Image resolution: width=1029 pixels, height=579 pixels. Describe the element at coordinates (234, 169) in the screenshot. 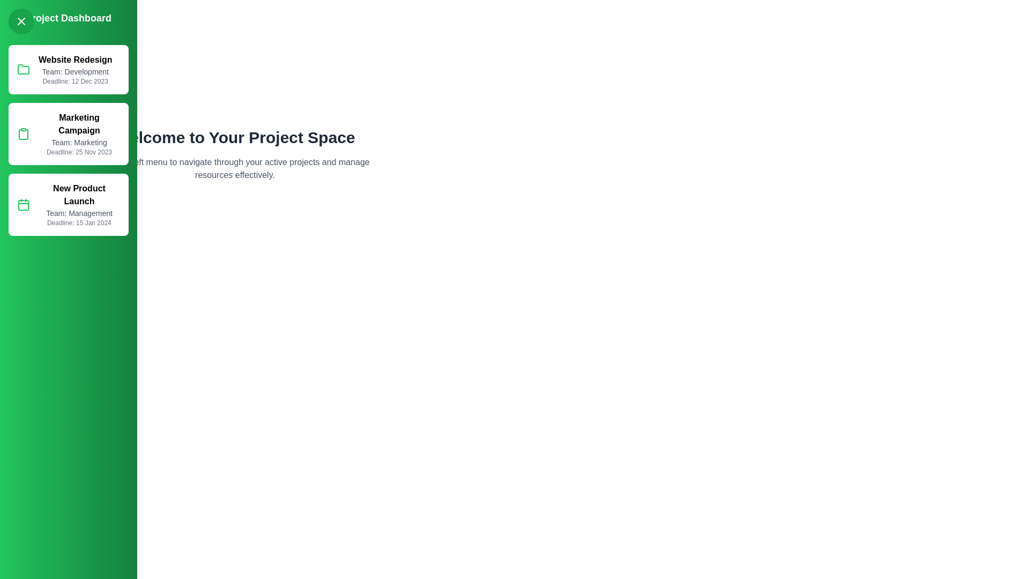

I see `the main content area to read the welcome message` at that location.